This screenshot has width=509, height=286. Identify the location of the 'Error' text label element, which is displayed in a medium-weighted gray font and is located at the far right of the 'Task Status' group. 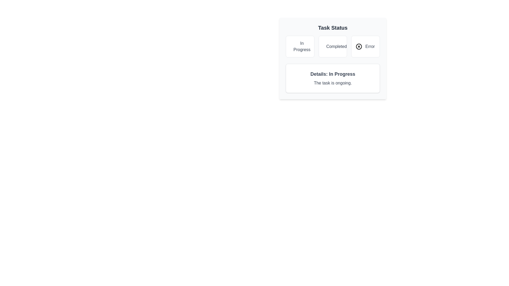
(370, 46).